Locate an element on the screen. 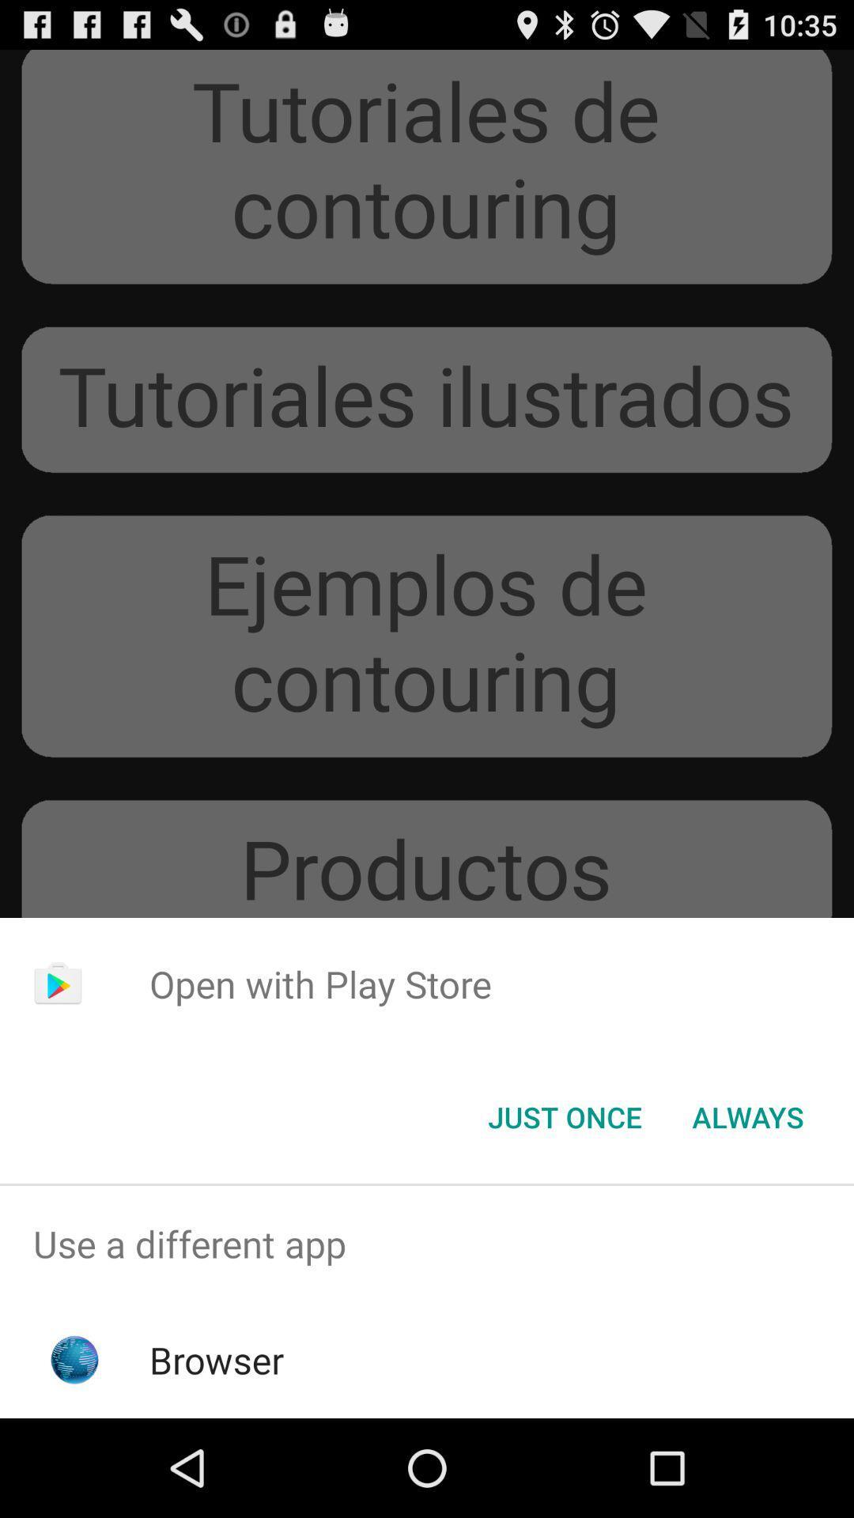 This screenshot has width=854, height=1518. the icon to the left of the always button is located at coordinates (564, 1116).